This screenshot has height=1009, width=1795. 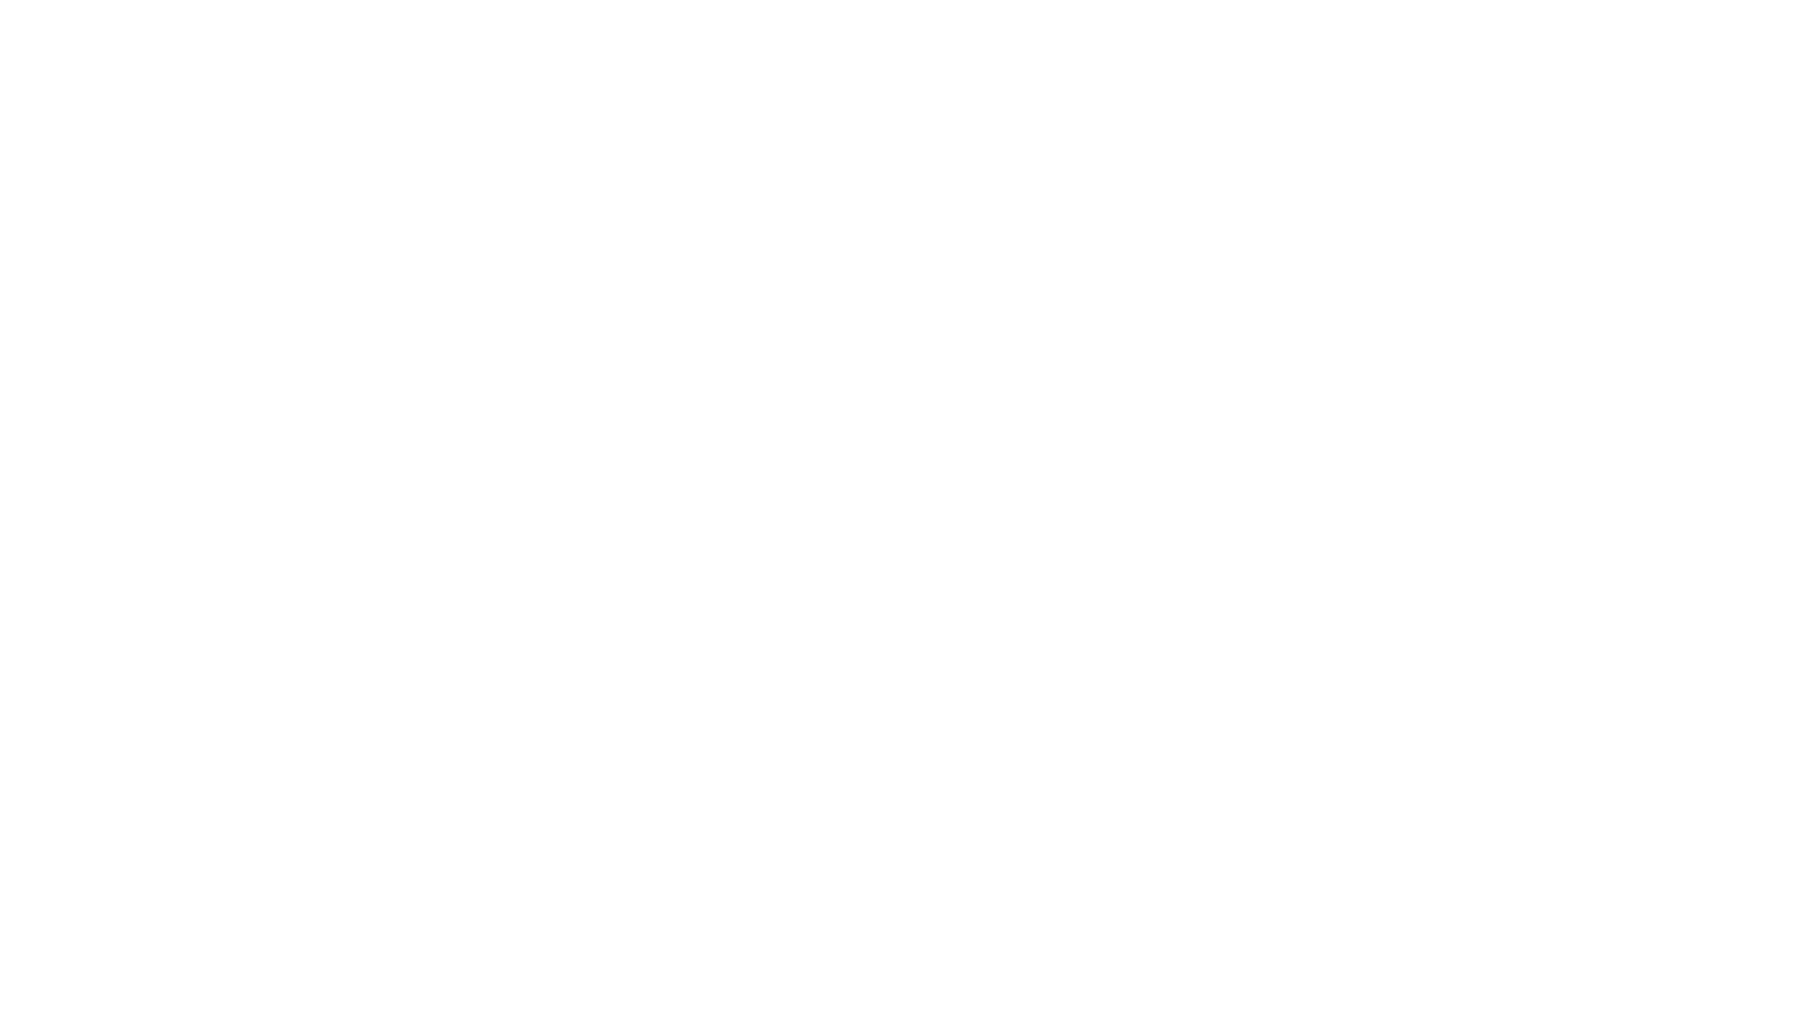 I want to click on 'SmugMug', so click(x=72, y=28).